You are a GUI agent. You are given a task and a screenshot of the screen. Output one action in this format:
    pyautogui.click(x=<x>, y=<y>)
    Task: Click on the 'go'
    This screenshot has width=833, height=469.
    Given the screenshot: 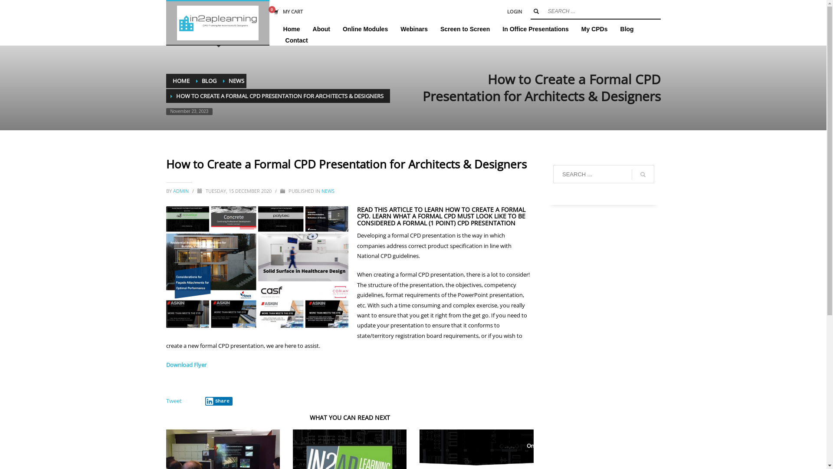 What is the action you would take?
    pyautogui.click(x=631, y=174)
    